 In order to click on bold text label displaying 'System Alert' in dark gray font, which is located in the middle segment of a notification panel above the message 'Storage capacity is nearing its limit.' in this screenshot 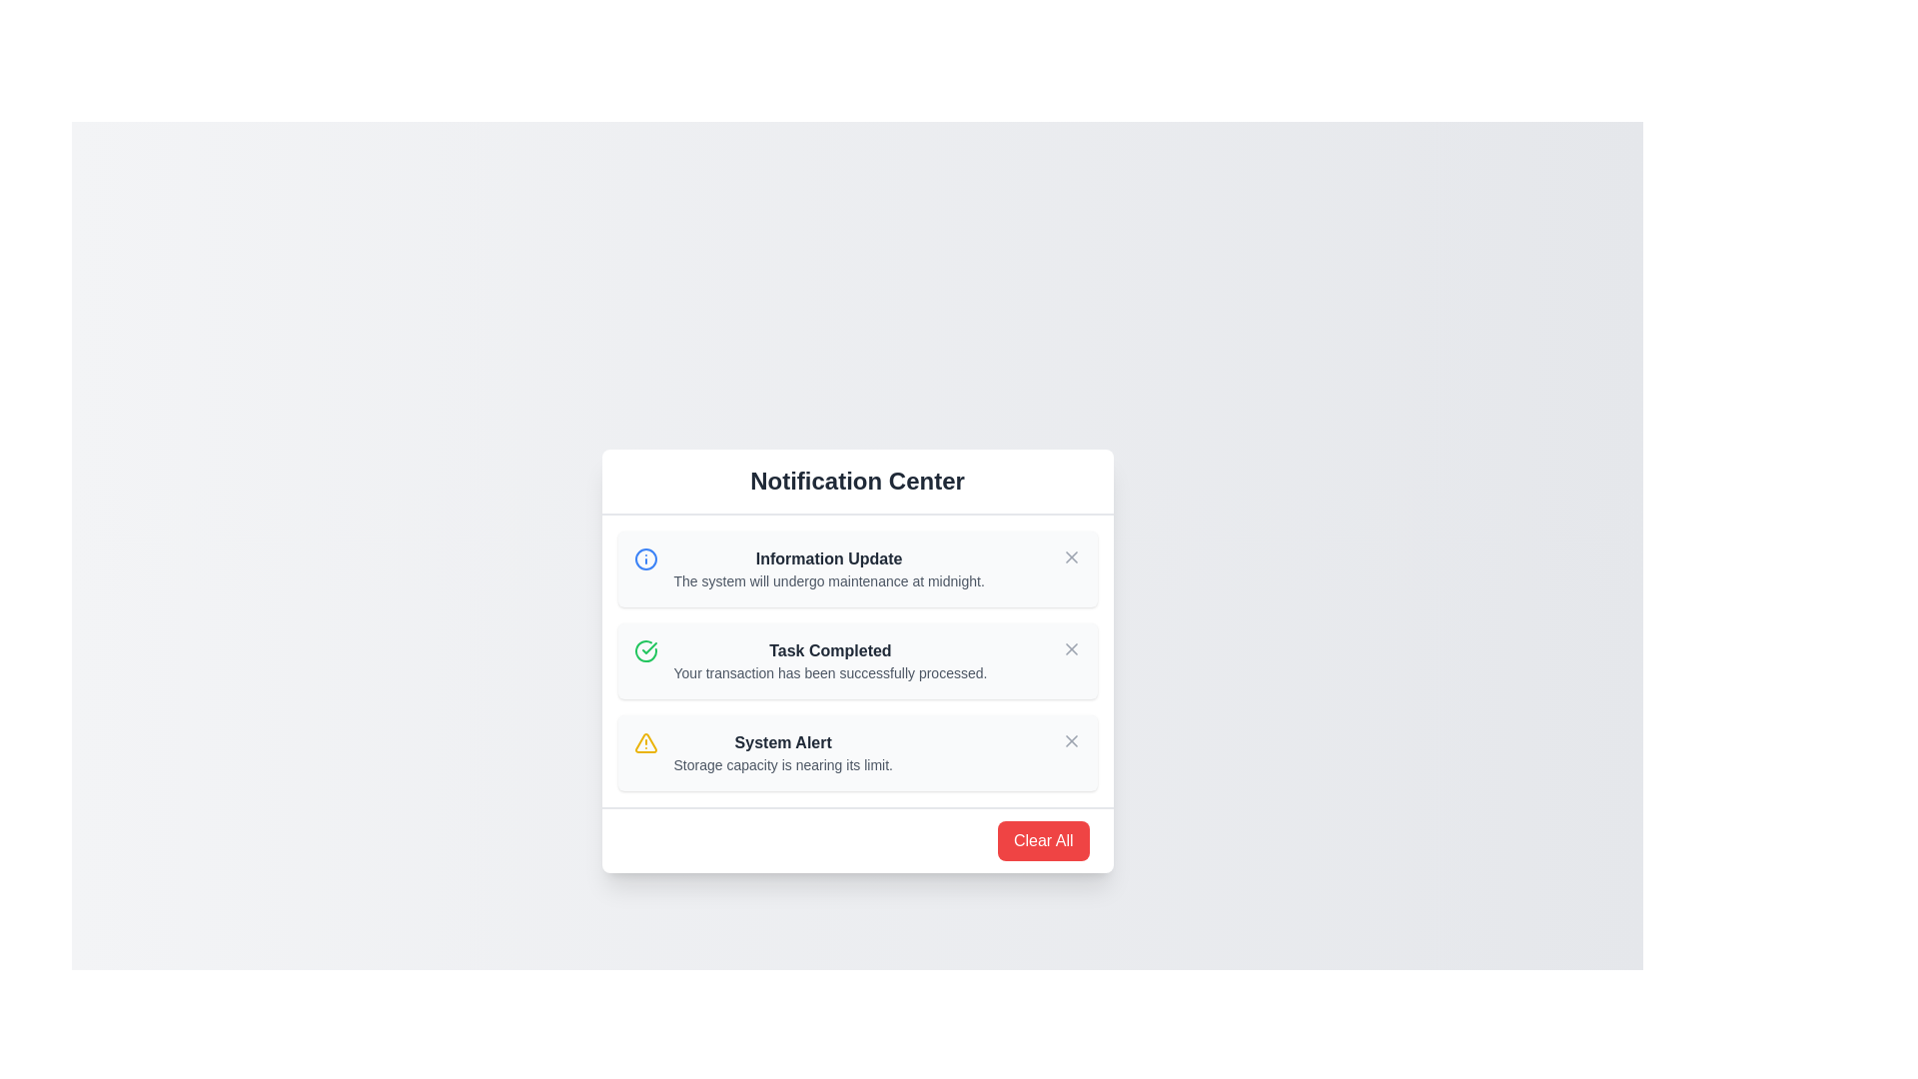, I will do `click(782, 743)`.